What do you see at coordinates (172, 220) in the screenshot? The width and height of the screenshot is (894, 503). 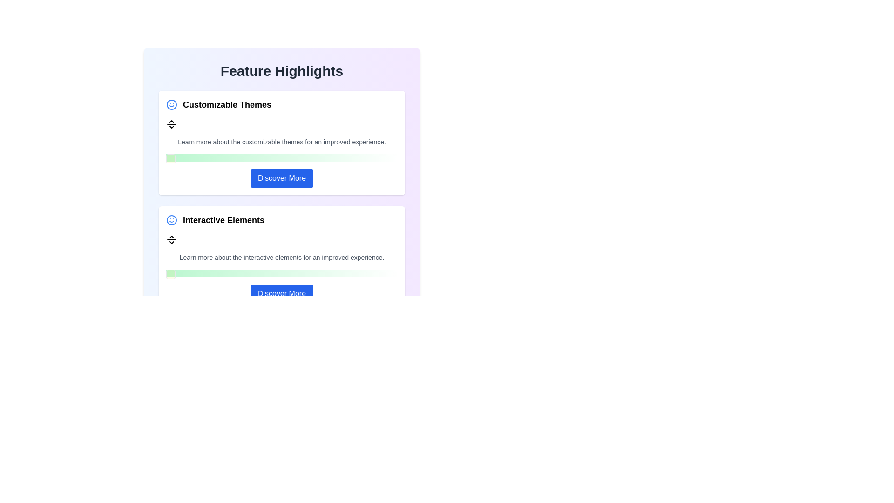 I see `the icon representing the 'Interactive Elements' feature, located to the left of the text 'Interactive Elements' in the feature section` at bounding box center [172, 220].